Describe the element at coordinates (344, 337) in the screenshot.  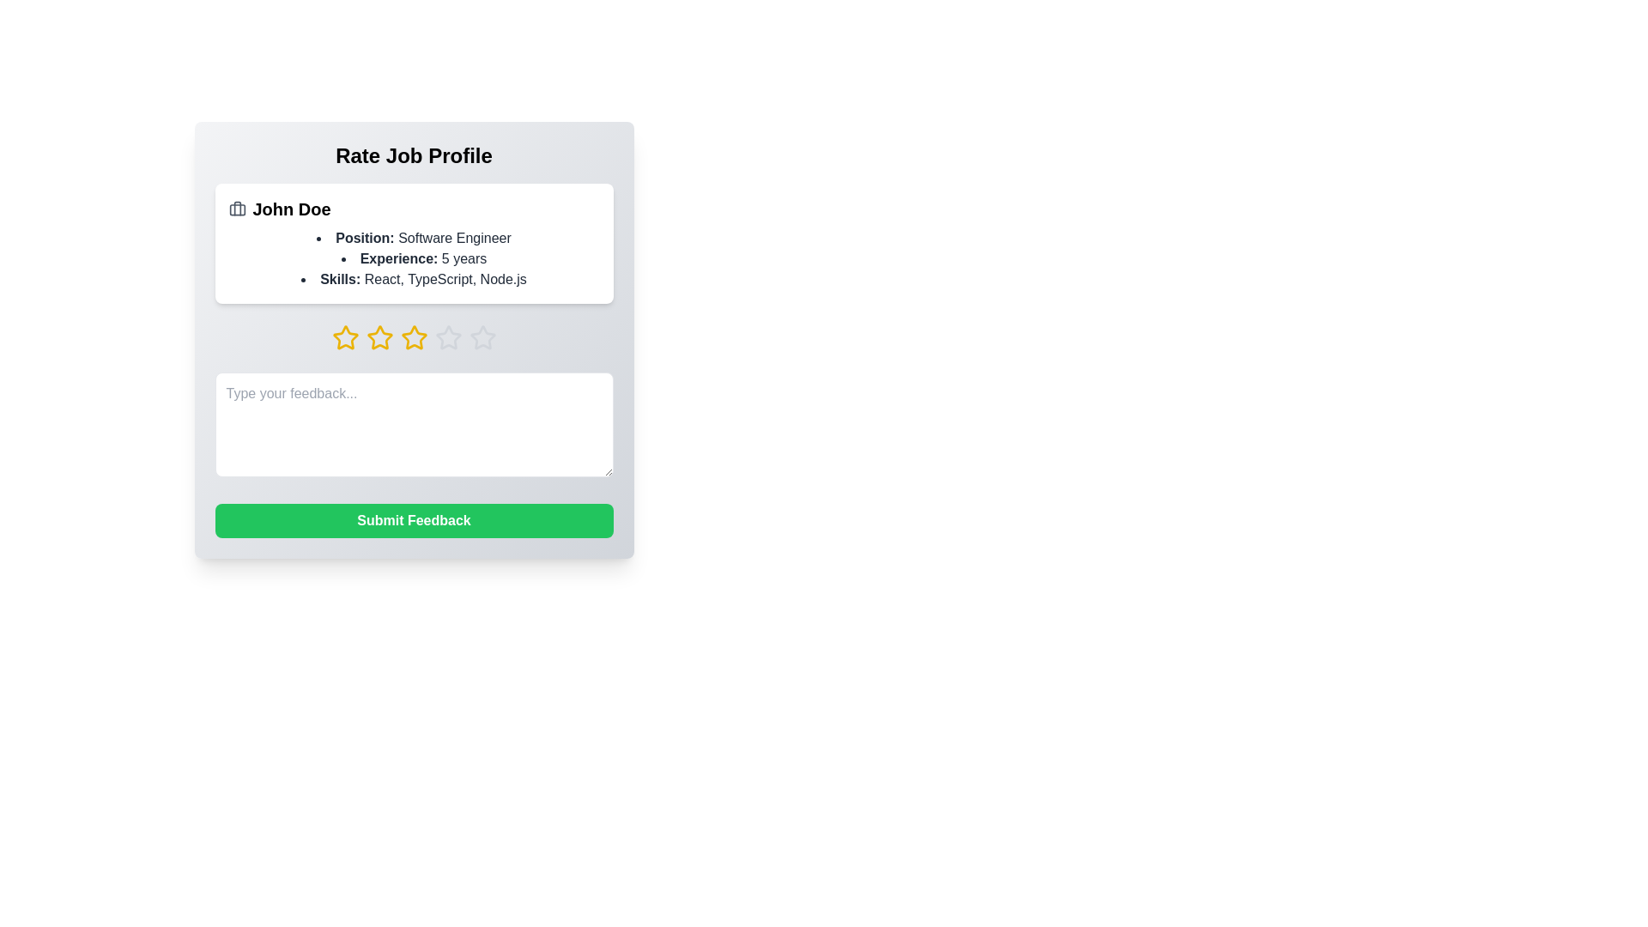
I see `the yellow hollow star icon, which is the first star in a row of five stars for rating, located below the profile information section and above the feedback input field` at that location.